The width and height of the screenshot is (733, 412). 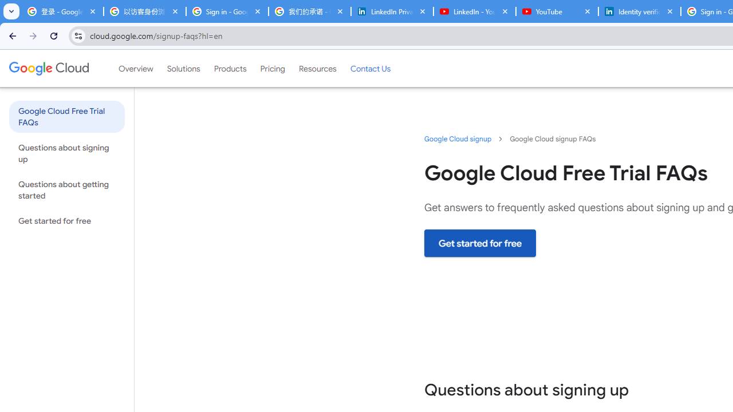 What do you see at coordinates (392, 11) in the screenshot?
I see `'LinkedIn Privacy Policy'` at bounding box center [392, 11].